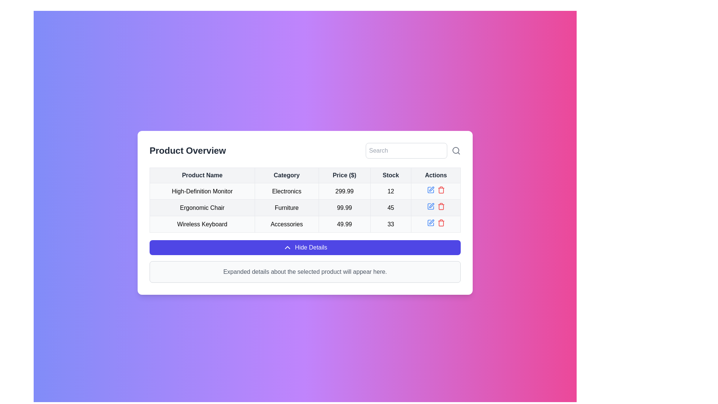 This screenshot has height=404, width=718. I want to click on the text label displaying '299.99' in bold and dark font, which is the price of the product 'High-Definition Monitor' in the 'Product Overview' table, so click(344, 191).